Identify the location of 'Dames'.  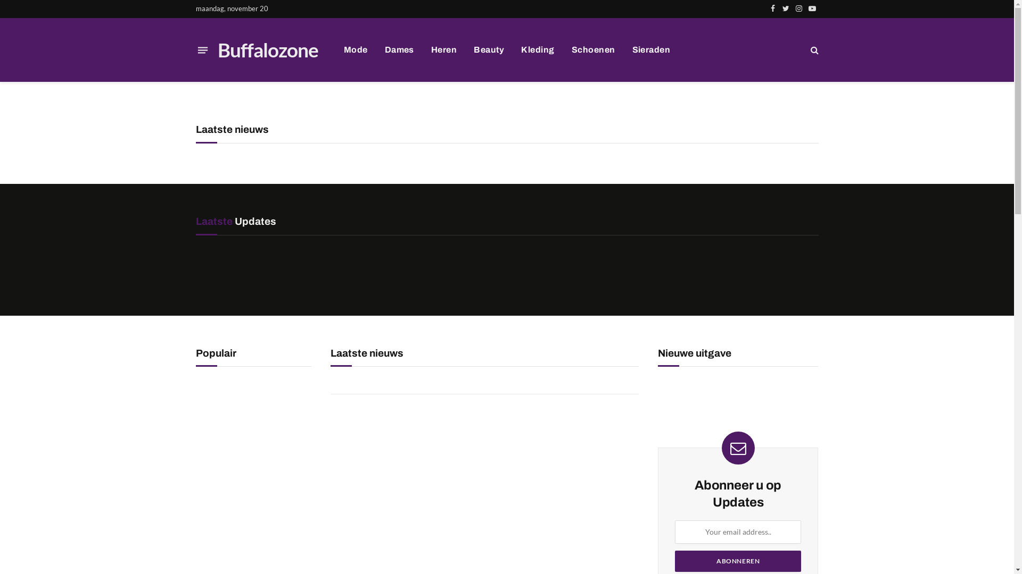
(399, 49).